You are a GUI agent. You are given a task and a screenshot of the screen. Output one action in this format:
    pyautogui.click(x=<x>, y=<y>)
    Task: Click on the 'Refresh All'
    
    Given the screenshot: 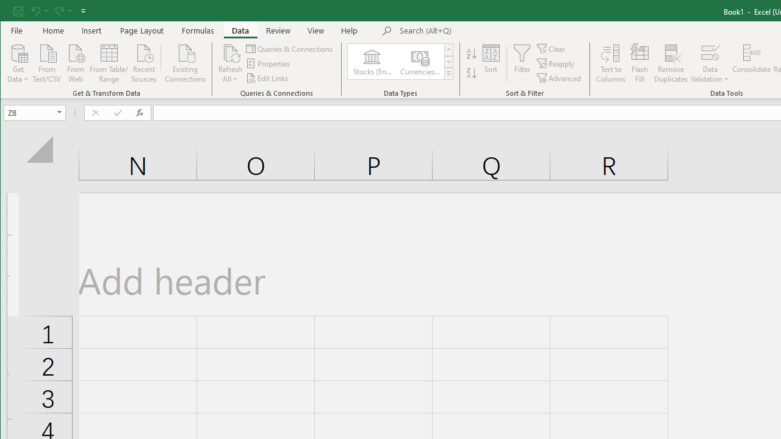 What is the action you would take?
    pyautogui.click(x=230, y=63)
    